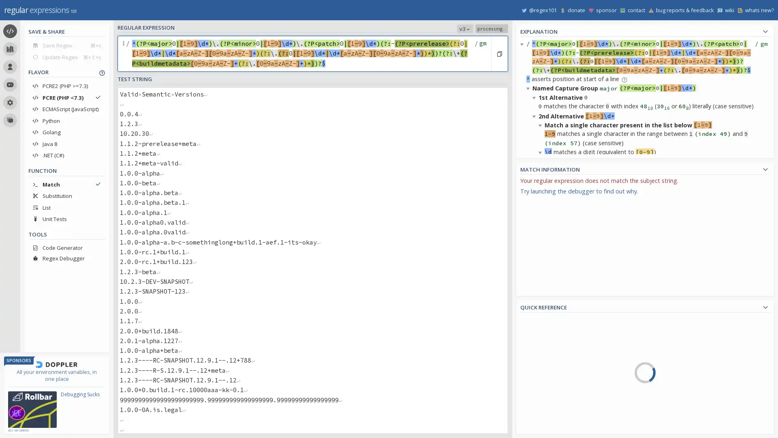 The width and height of the screenshot is (778, 438). Describe the element at coordinates (542, 252) in the screenshot. I see `Match 2` at that location.